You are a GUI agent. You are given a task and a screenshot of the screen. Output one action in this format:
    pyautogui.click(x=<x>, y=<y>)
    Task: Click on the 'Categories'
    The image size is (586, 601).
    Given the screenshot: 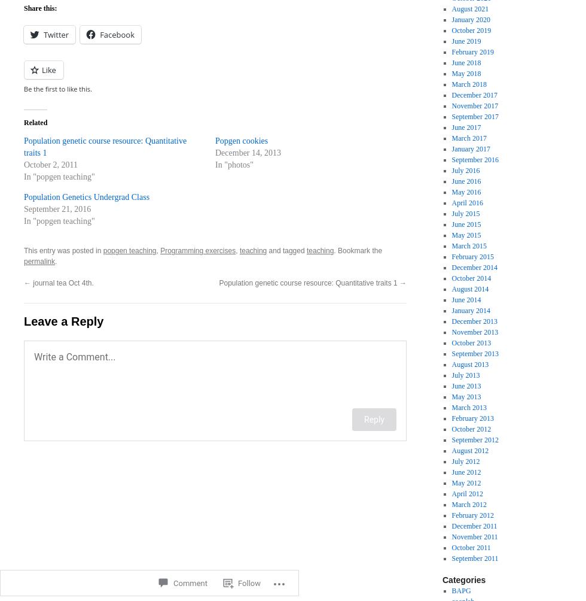 What is the action you would take?
    pyautogui.click(x=463, y=579)
    